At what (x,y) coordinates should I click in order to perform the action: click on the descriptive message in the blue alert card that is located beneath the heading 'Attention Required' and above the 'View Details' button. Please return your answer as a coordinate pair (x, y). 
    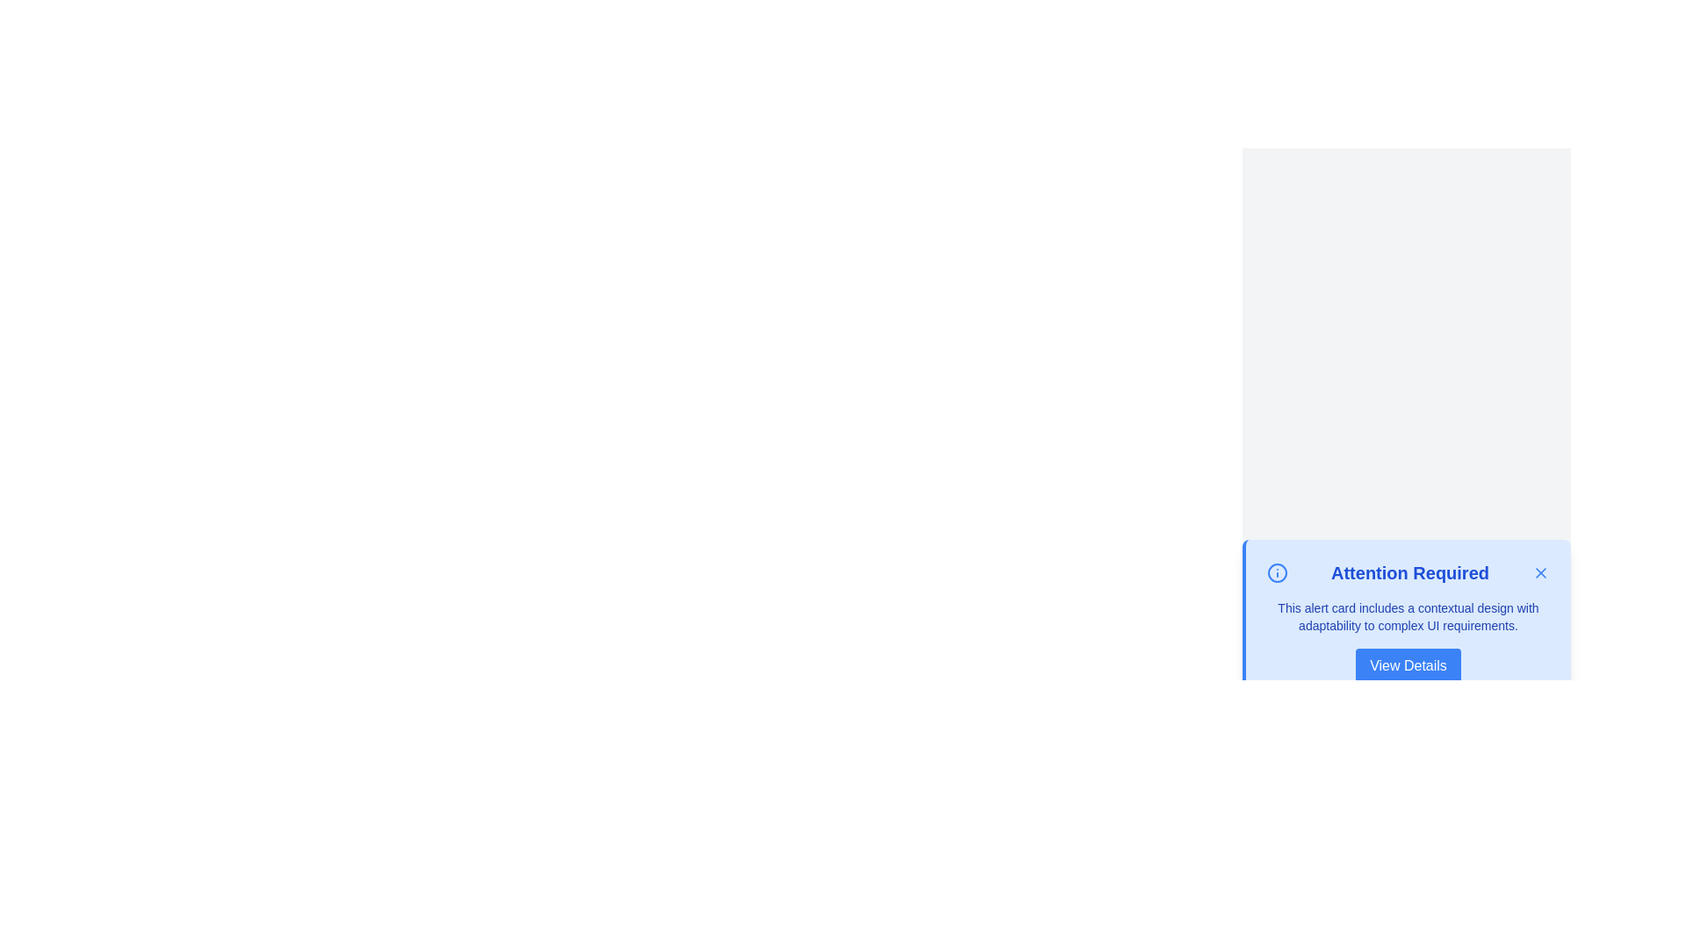
    Looking at the image, I should click on (1408, 615).